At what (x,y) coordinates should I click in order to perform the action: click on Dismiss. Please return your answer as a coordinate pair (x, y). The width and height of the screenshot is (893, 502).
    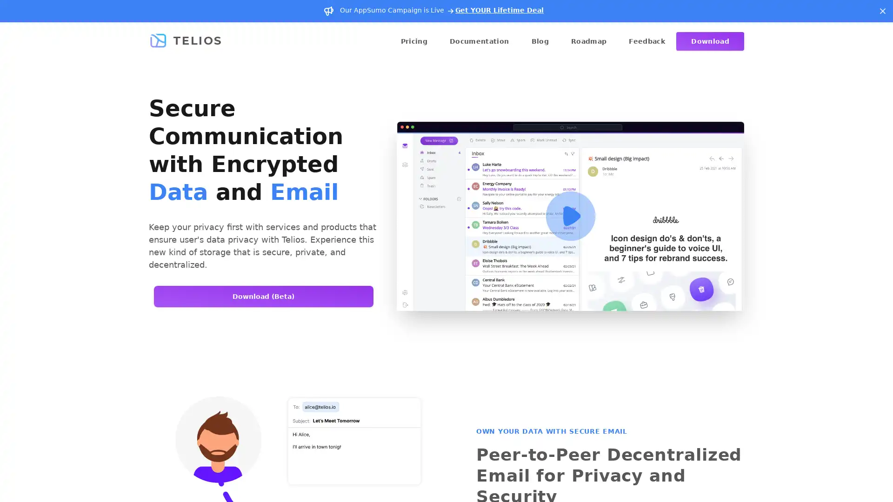
    Looking at the image, I should click on (882, 11).